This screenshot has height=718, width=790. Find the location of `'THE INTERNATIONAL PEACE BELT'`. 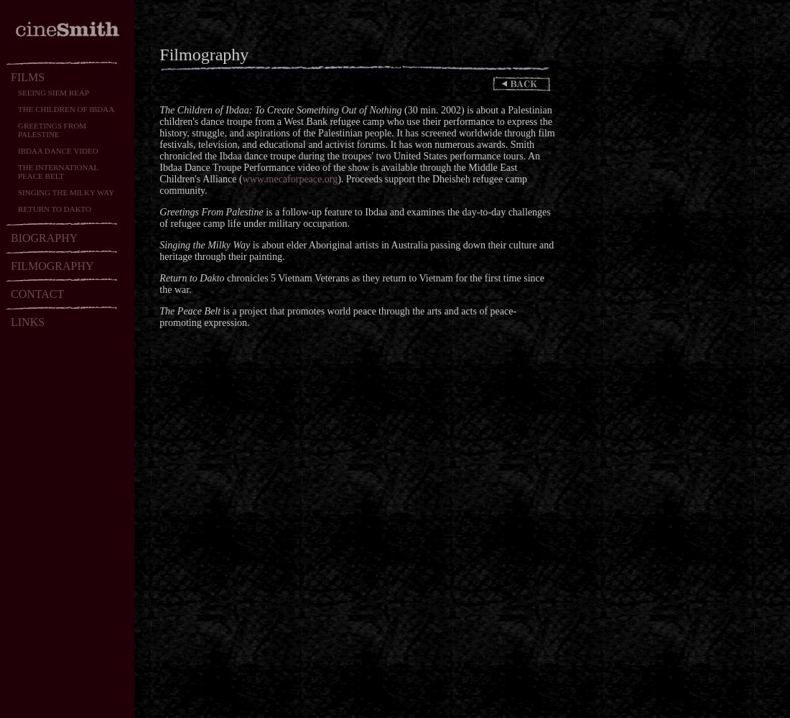

'THE INTERNATIONAL PEACE BELT' is located at coordinates (57, 171).